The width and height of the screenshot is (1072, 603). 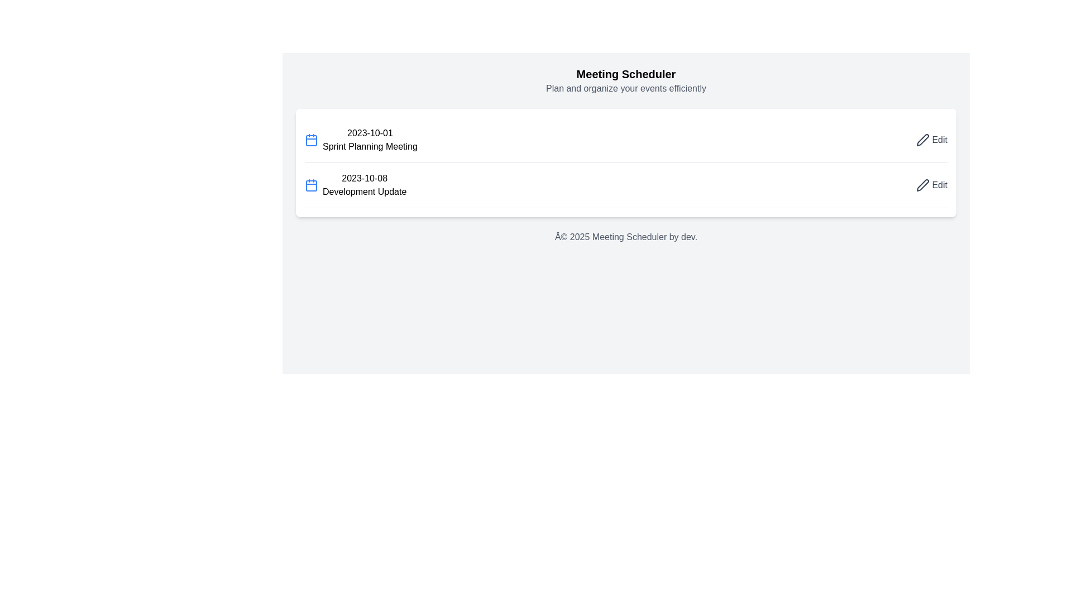 What do you see at coordinates (923, 139) in the screenshot?
I see `the pen-shaped icon with a thin outline, located to the right of the first meeting entry row and near the 'Edit' label` at bounding box center [923, 139].